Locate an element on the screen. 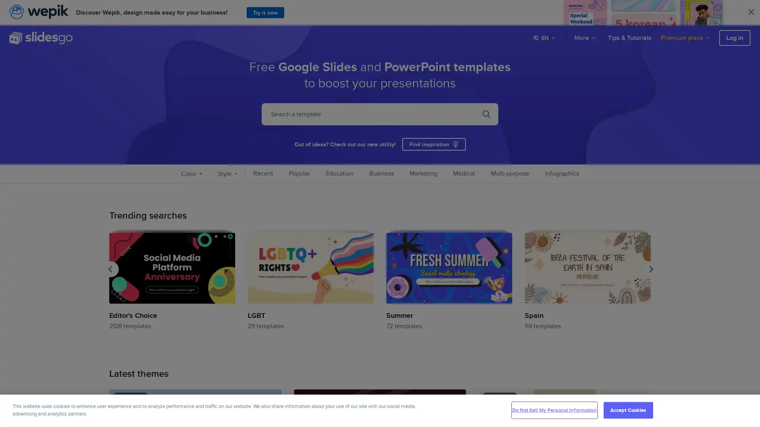 This screenshot has height=427, width=760. Log in is located at coordinates (734, 38).